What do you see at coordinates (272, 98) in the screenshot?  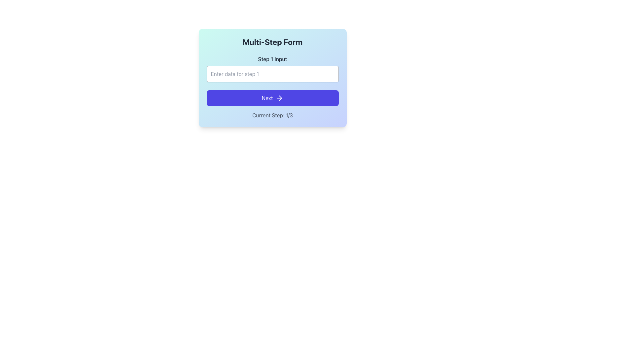 I see `the blue 'Next' button with rounded corners located below the input field to proceed to the next step of the form` at bounding box center [272, 98].